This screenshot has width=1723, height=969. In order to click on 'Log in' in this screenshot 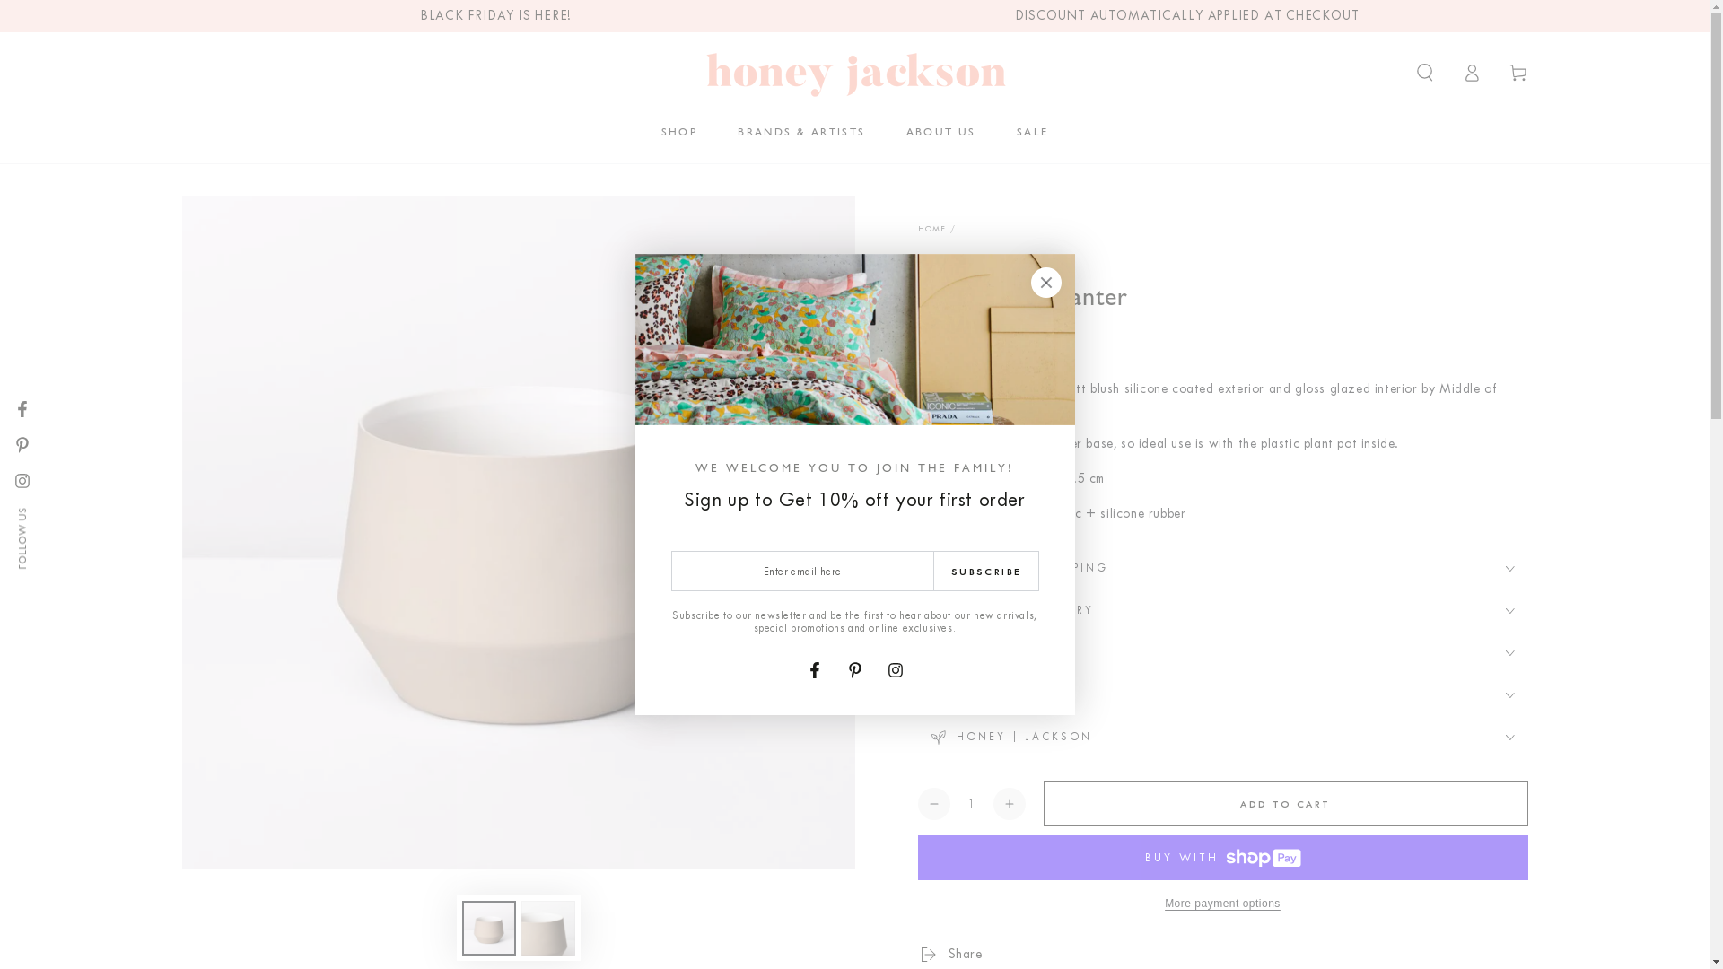, I will do `click(1447, 72)`.